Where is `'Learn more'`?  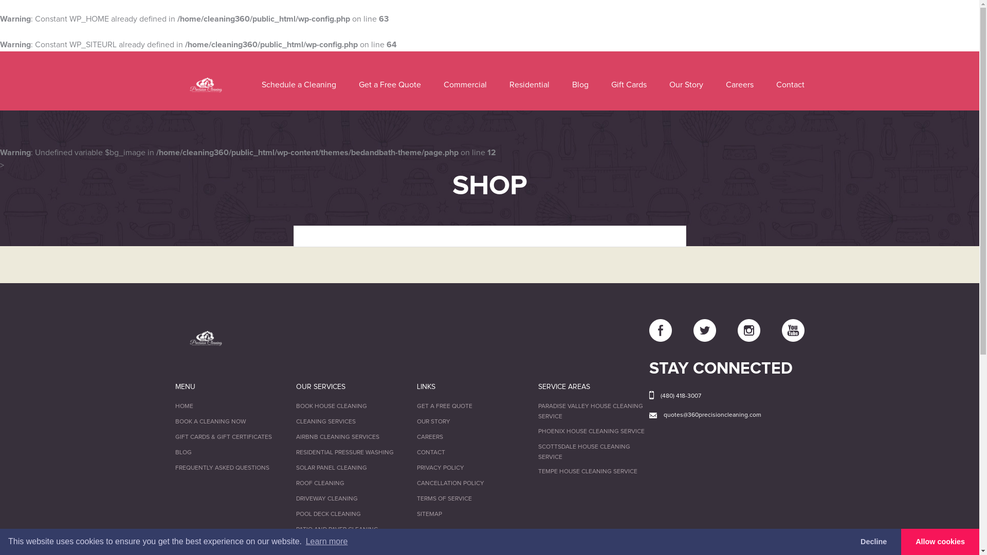 'Learn more' is located at coordinates (325, 541).